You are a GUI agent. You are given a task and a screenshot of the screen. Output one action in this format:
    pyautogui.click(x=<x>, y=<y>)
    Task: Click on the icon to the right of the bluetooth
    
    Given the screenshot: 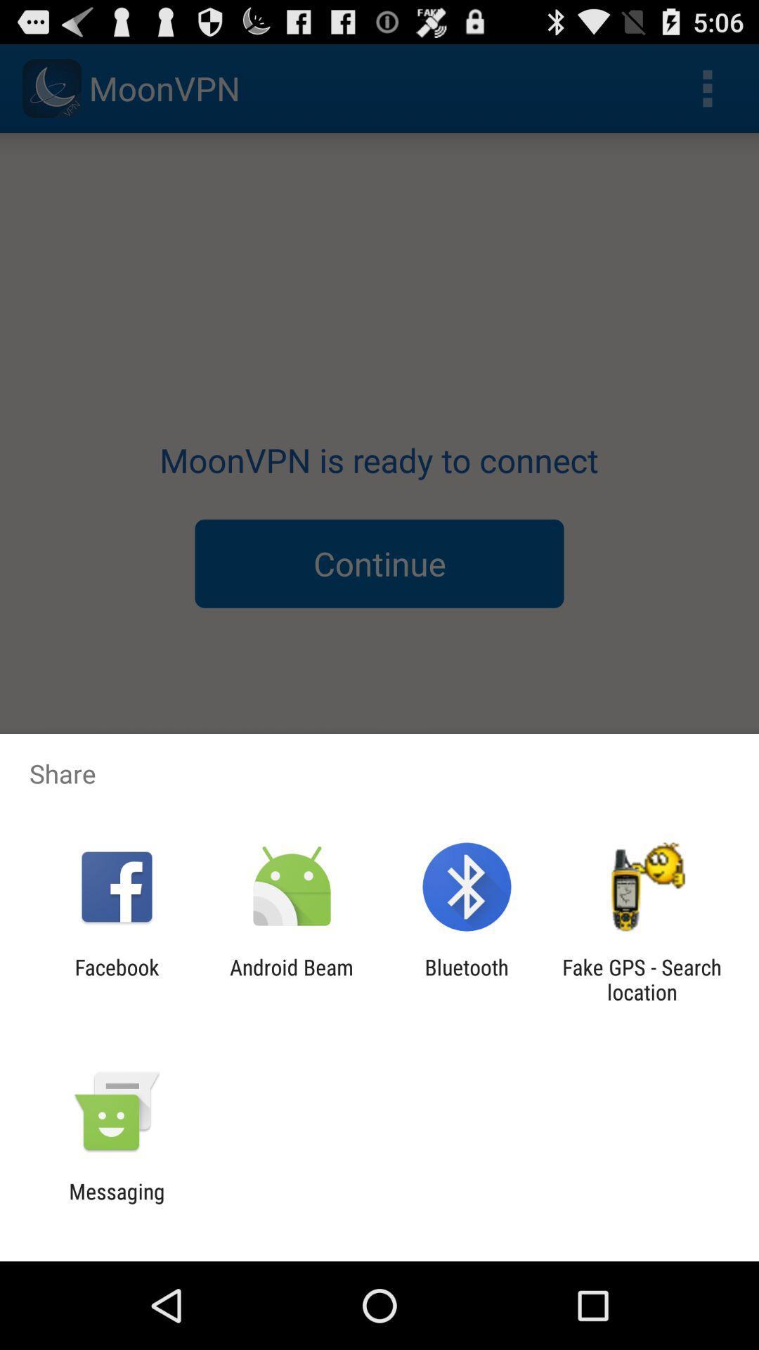 What is the action you would take?
    pyautogui.click(x=642, y=979)
    